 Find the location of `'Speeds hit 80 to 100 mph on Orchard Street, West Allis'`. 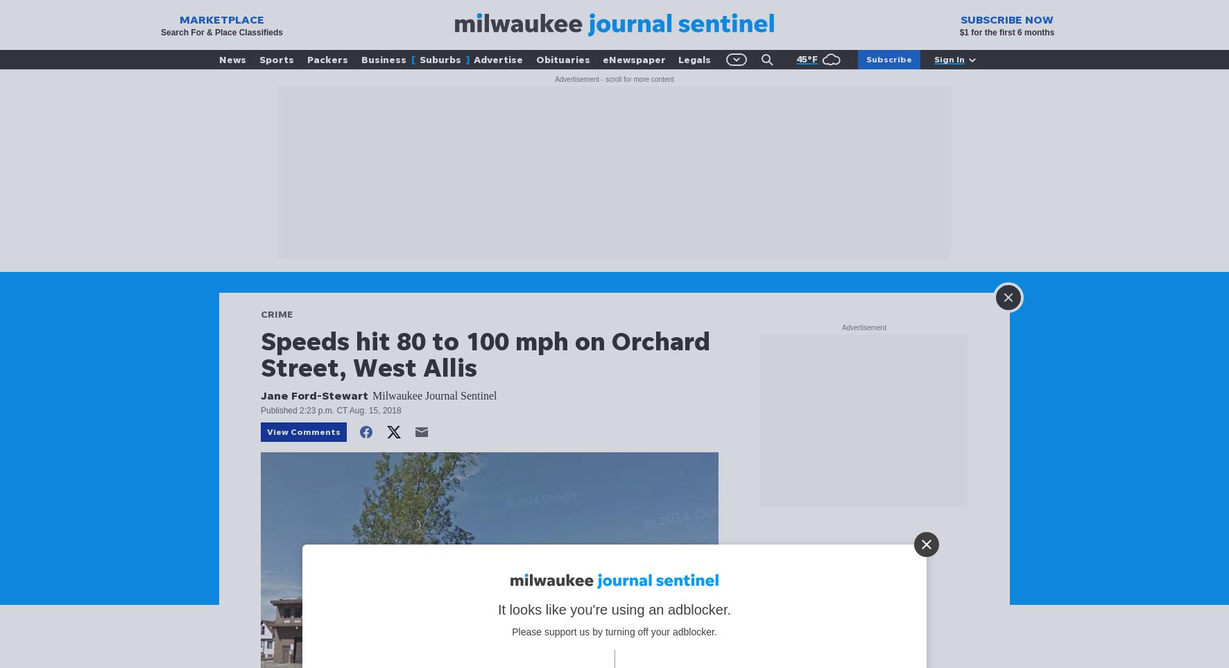

'Speeds hit 80 to 100 mph on Orchard Street, West Allis' is located at coordinates (261, 354).